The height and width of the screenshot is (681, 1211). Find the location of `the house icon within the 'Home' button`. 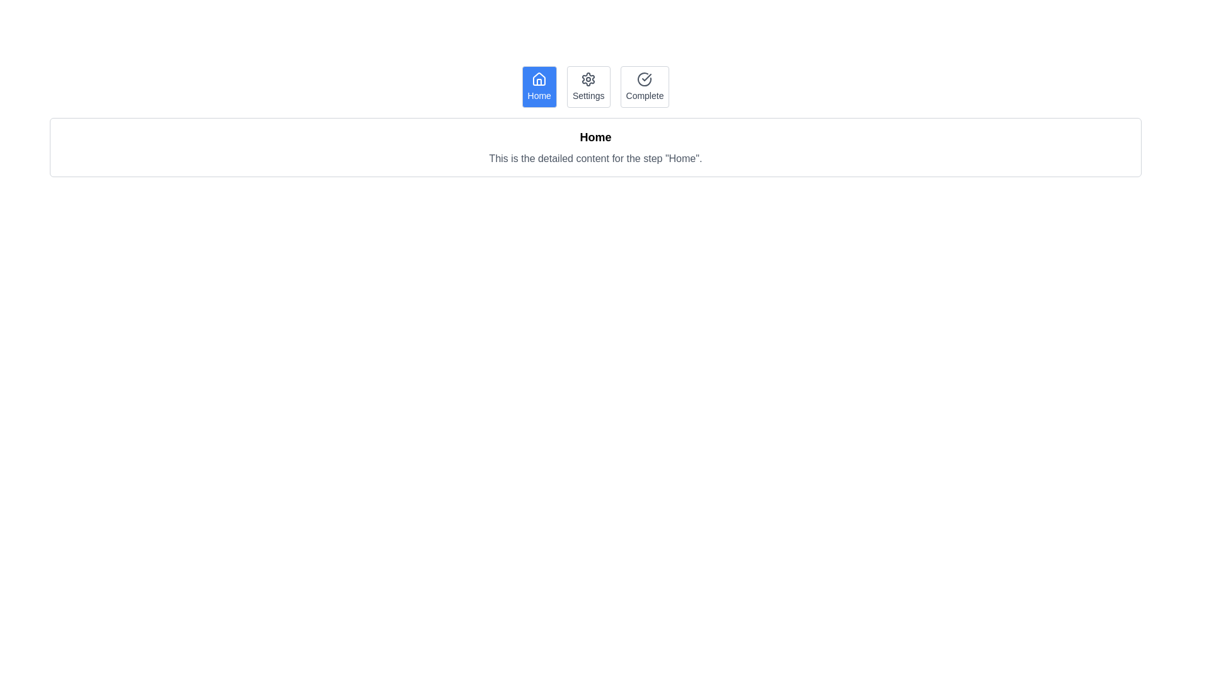

the house icon within the 'Home' button is located at coordinates (539, 79).